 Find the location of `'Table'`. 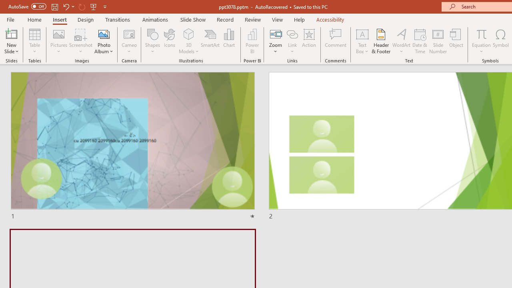

'Table' is located at coordinates (34, 41).